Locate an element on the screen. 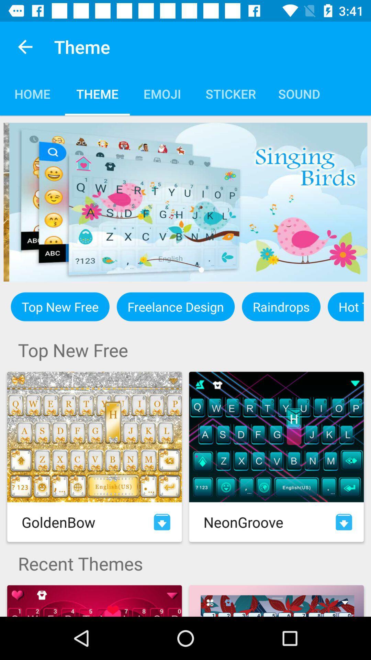 This screenshot has width=371, height=660. item to the right of the freelance design item is located at coordinates (281, 306).